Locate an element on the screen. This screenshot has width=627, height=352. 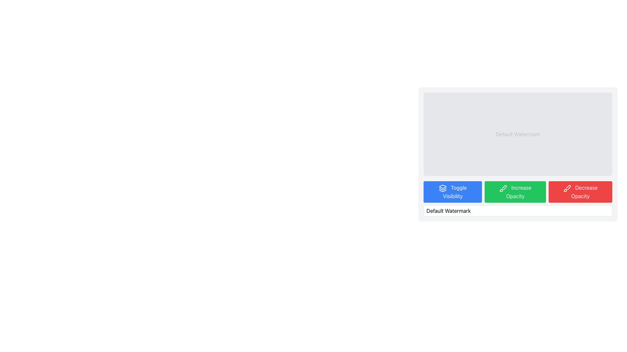
the brush icon located inside the red button labeled 'Decrease Opacity' is located at coordinates (567, 188).